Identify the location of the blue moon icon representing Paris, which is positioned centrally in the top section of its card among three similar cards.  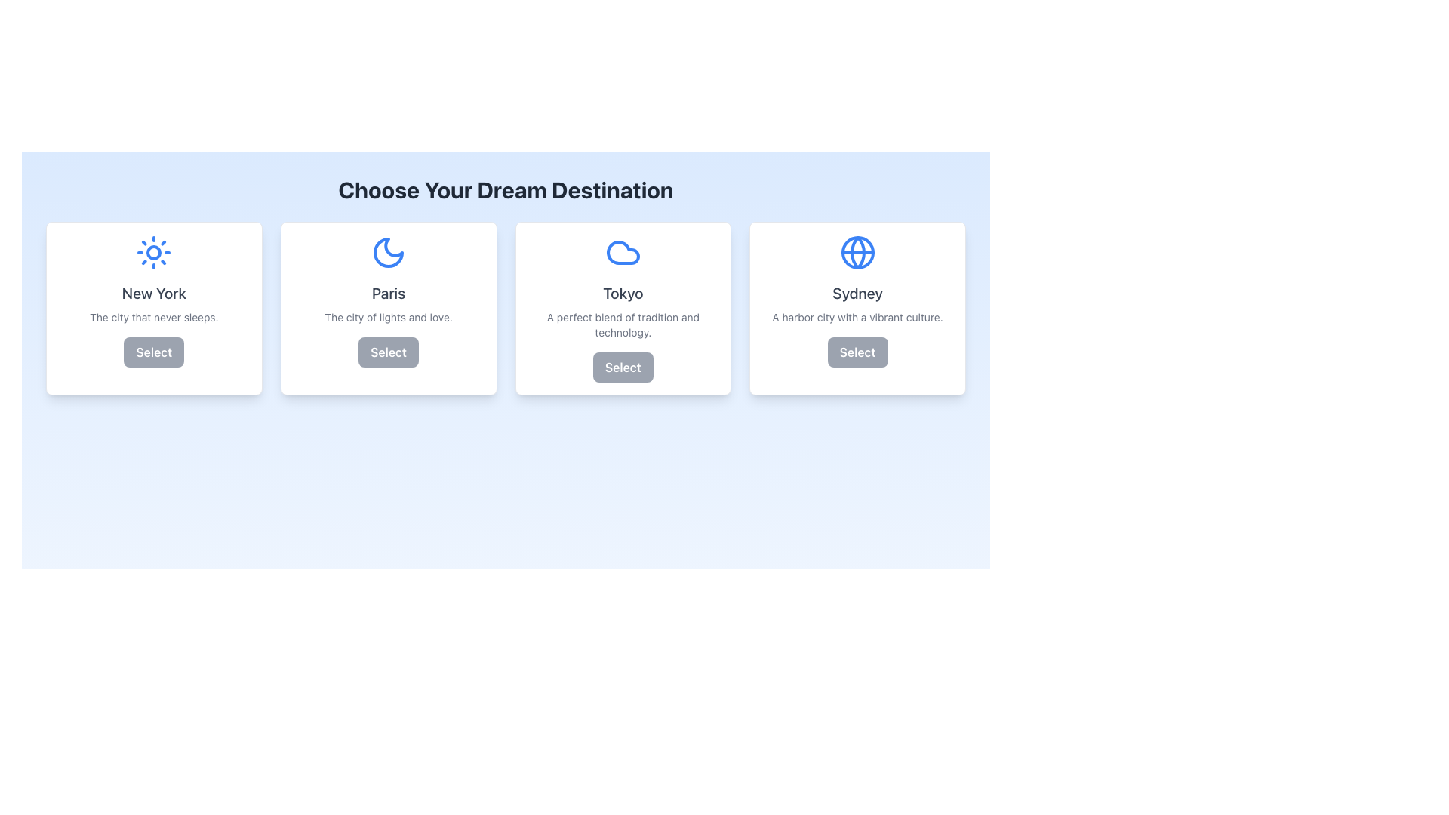
(389, 252).